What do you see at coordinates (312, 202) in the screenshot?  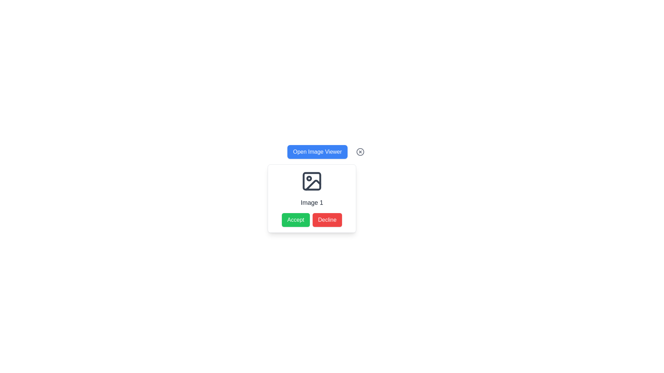 I see `the text label displaying 'Image 1', which is centrally located below an image thumbnail icon and above the 'Accept' and 'Decline' buttons` at bounding box center [312, 202].